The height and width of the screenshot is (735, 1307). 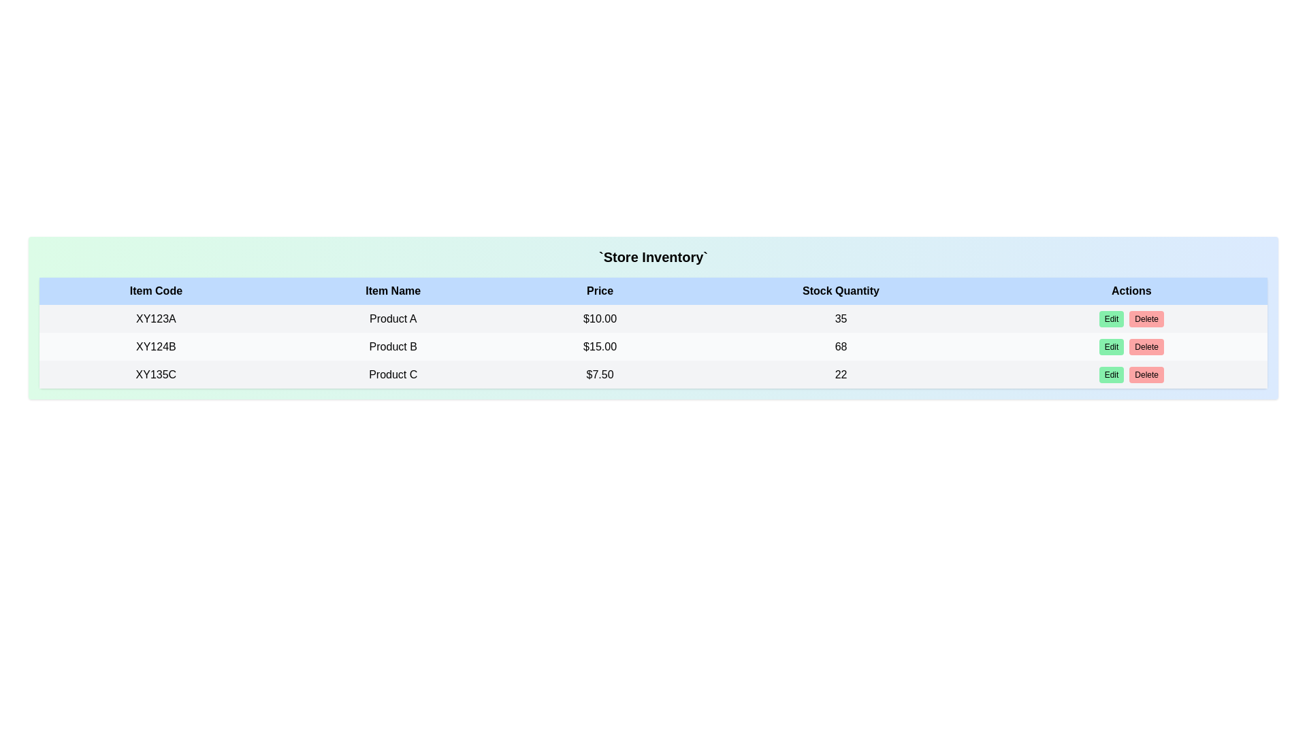 What do you see at coordinates (1131, 291) in the screenshot?
I see `the Table Header that indicates interactive actions for the last column of the table, located in the top-right corner of the header row` at bounding box center [1131, 291].